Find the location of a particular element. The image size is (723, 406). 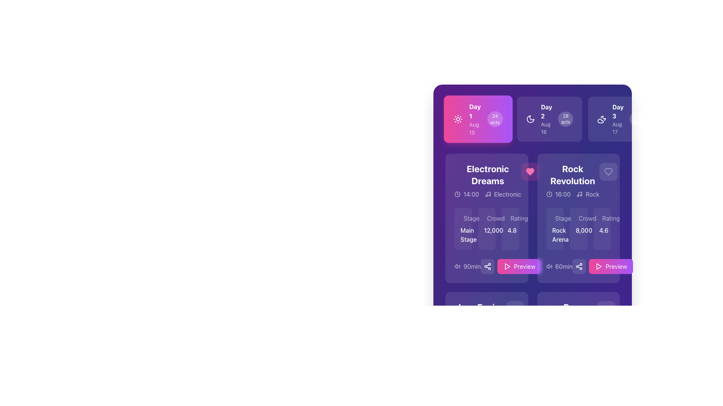

crowd count displayed in the Text display element with a purple background, specifically located in the second column of the card for the event 'Rock Revolution' is located at coordinates (578, 229).